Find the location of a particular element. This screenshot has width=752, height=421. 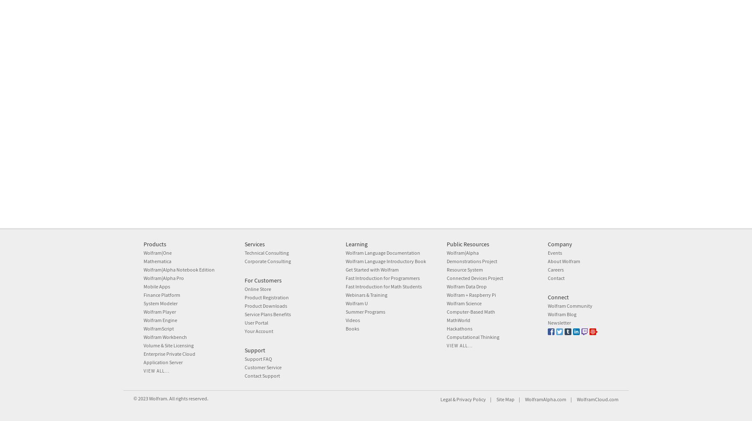

'Services' is located at coordinates (254, 244).